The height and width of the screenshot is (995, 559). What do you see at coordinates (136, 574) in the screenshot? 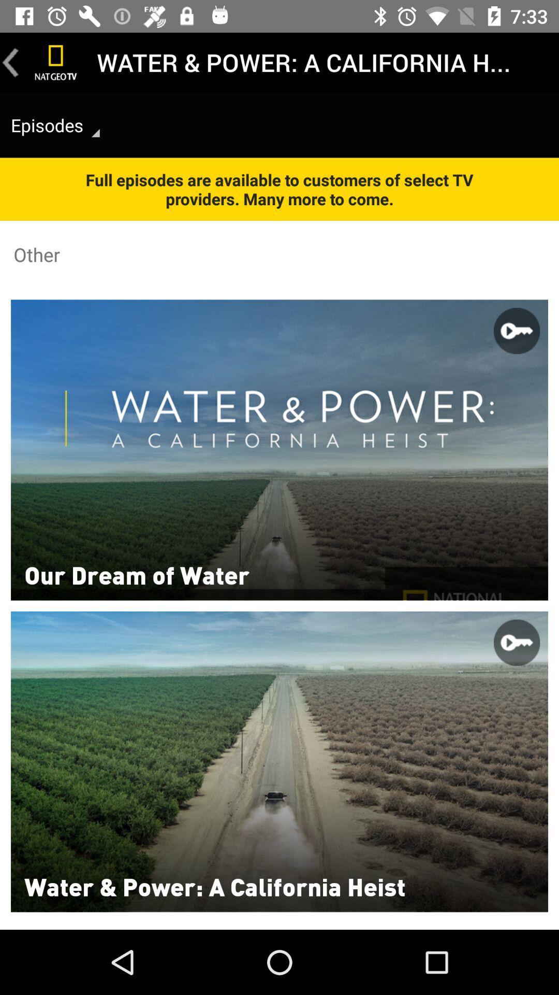
I see `item on the left` at bounding box center [136, 574].